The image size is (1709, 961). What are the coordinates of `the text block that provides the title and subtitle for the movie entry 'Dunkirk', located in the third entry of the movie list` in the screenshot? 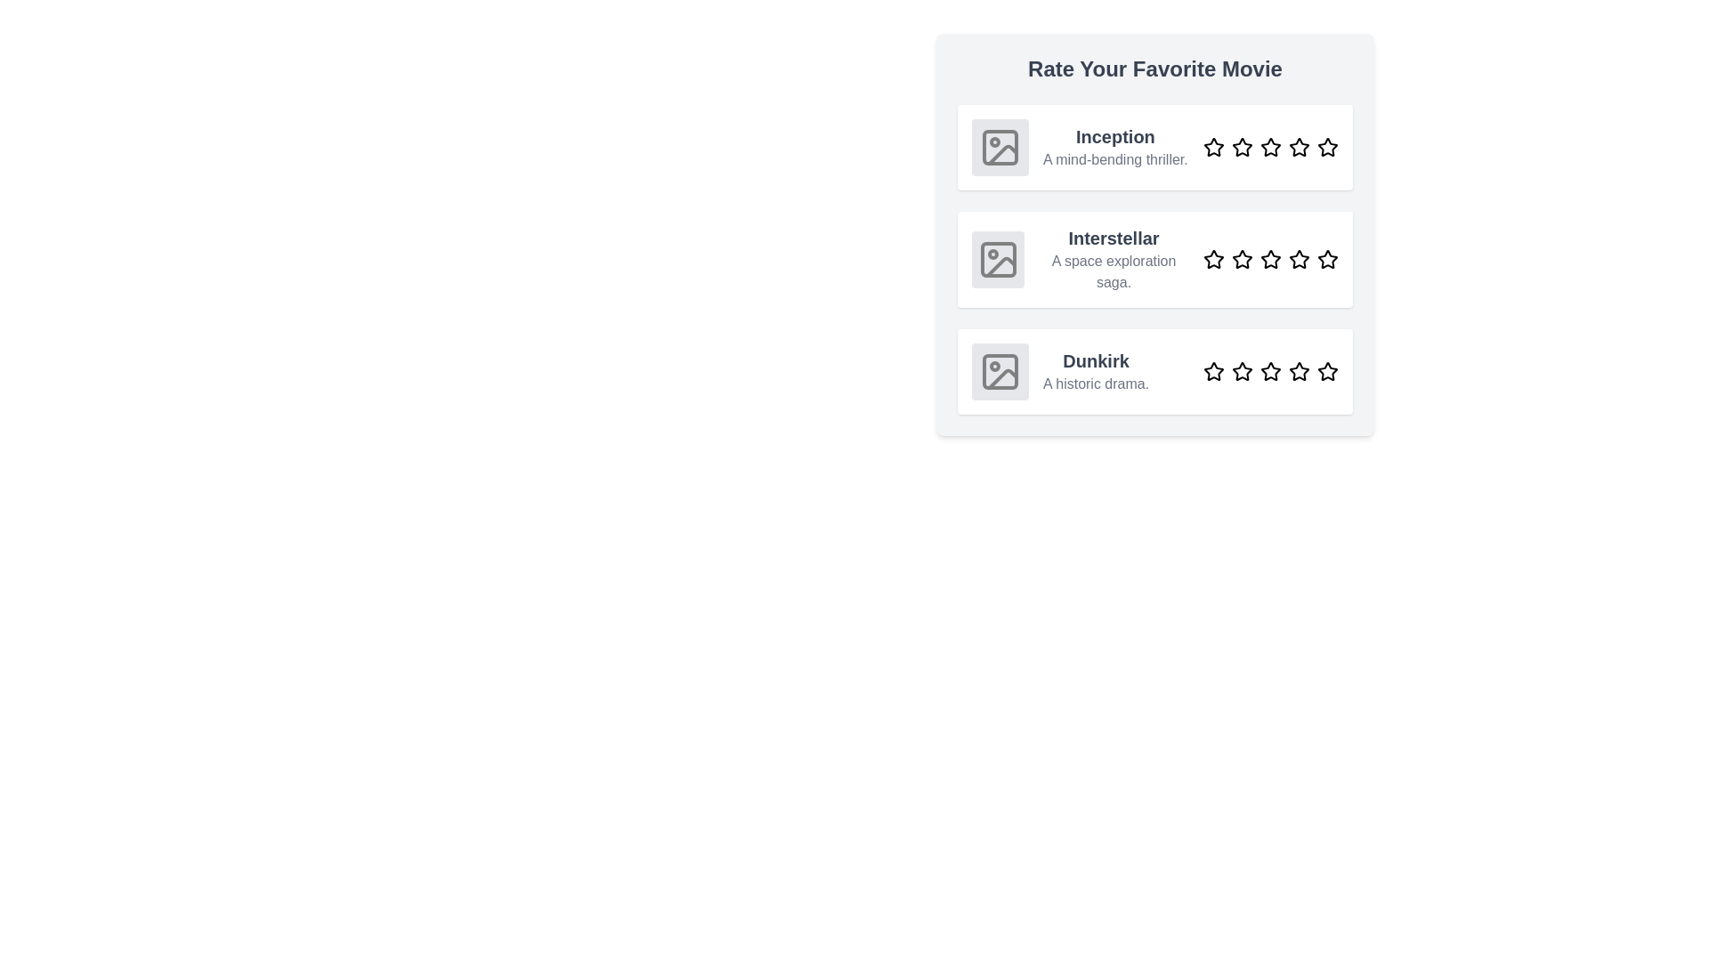 It's located at (1095, 370).